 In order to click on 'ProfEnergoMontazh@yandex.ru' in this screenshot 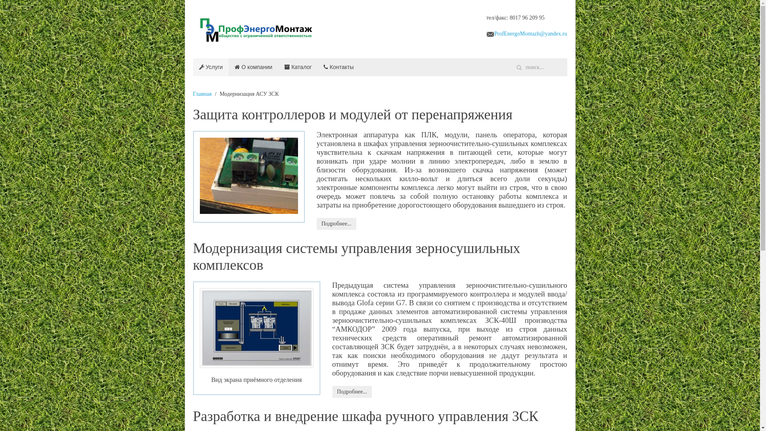, I will do `click(531, 33)`.